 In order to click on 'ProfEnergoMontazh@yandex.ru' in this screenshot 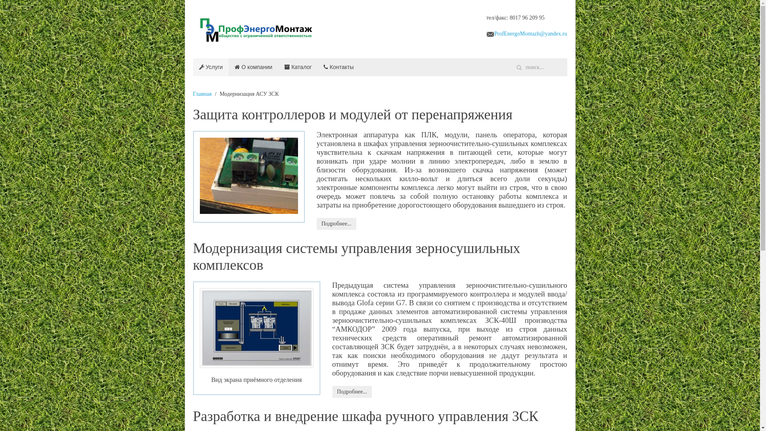, I will do `click(531, 33)`.